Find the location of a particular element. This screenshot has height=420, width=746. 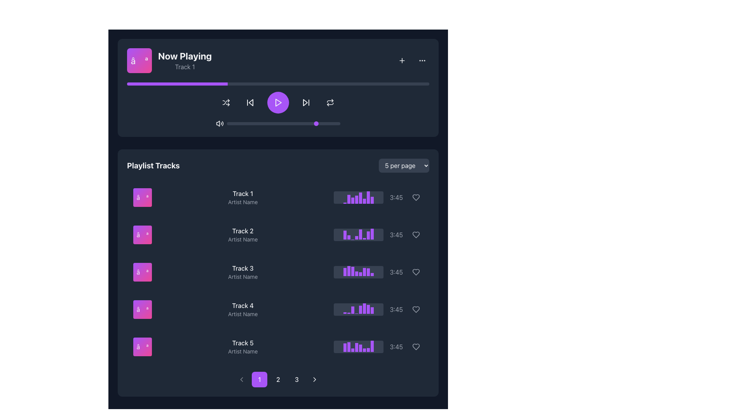

the last purple graphical visualization bar in the 'Track 3' row of the 'Playlist Tracks' section, which is shorter than its siblings is located at coordinates (372, 274).